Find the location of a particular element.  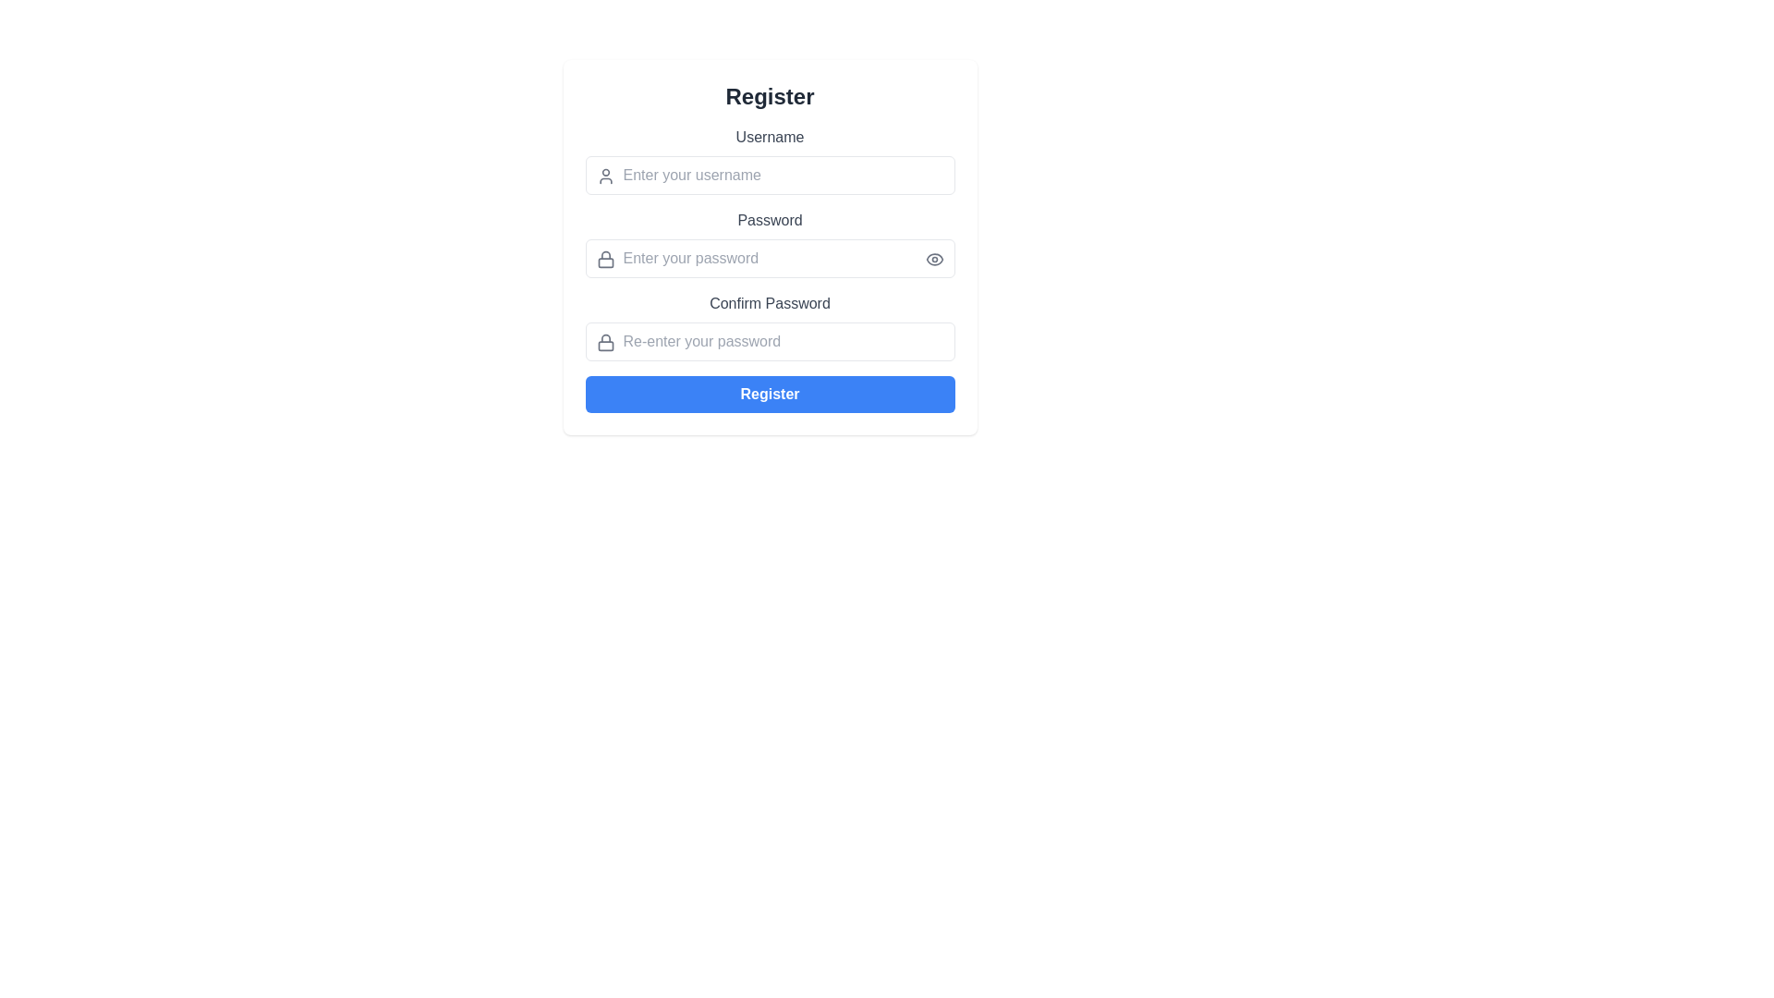

the user silhouette icon located inside the username input field, aligned to the left side of the rectangular input box is located at coordinates (605, 176).